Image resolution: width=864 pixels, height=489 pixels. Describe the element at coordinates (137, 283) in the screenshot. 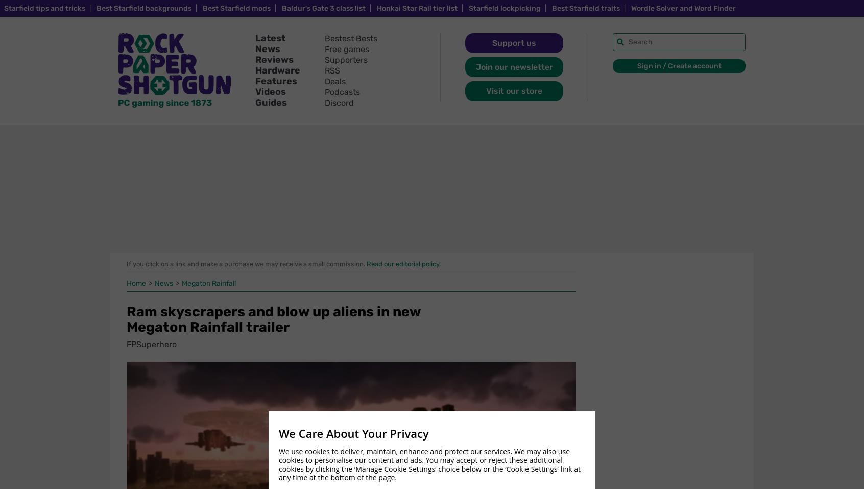

I see `'Home'` at that location.